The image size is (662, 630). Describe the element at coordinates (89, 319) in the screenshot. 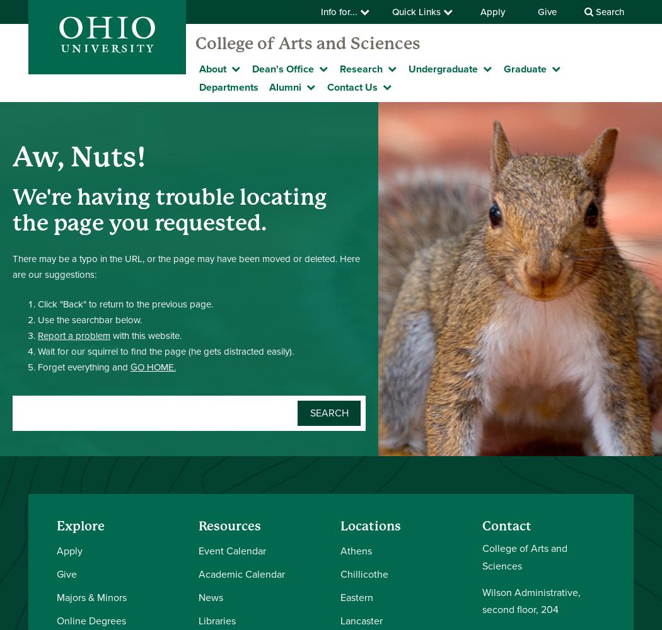

I see `'Use the searchbar below.'` at that location.